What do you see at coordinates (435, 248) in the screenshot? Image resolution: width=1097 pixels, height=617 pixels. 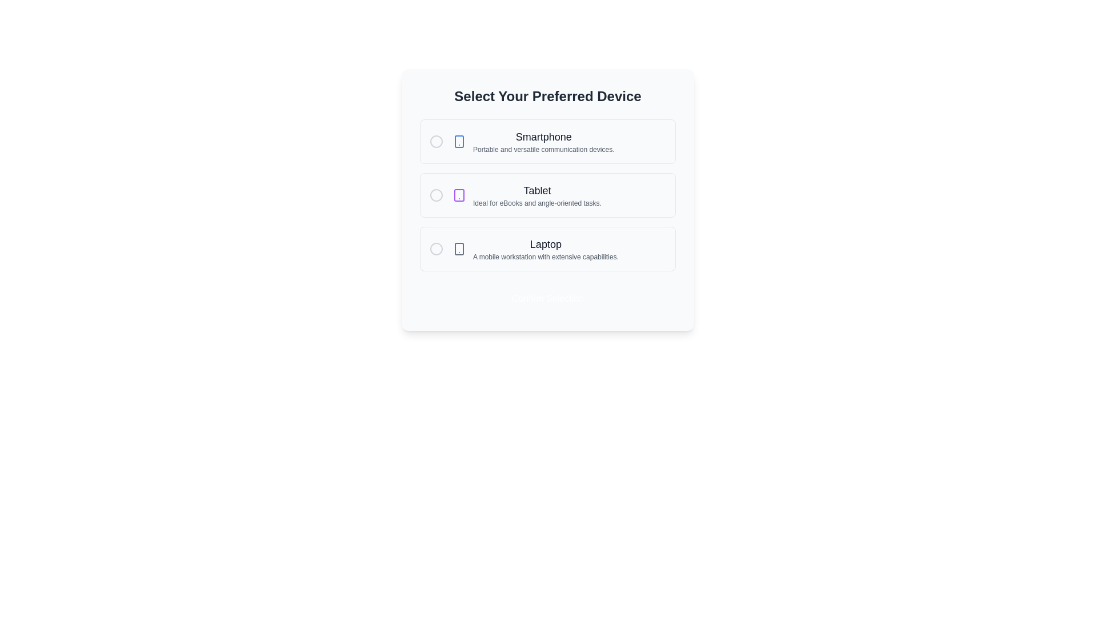 I see `the 'Laptop' radio button indicator` at bounding box center [435, 248].